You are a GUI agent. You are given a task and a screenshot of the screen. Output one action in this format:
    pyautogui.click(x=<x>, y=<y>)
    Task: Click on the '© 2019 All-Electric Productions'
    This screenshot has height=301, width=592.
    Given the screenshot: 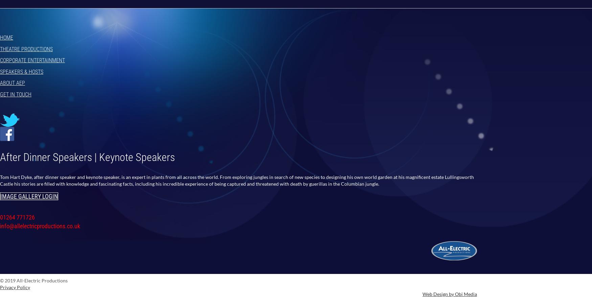 What is the action you would take?
    pyautogui.click(x=33, y=280)
    